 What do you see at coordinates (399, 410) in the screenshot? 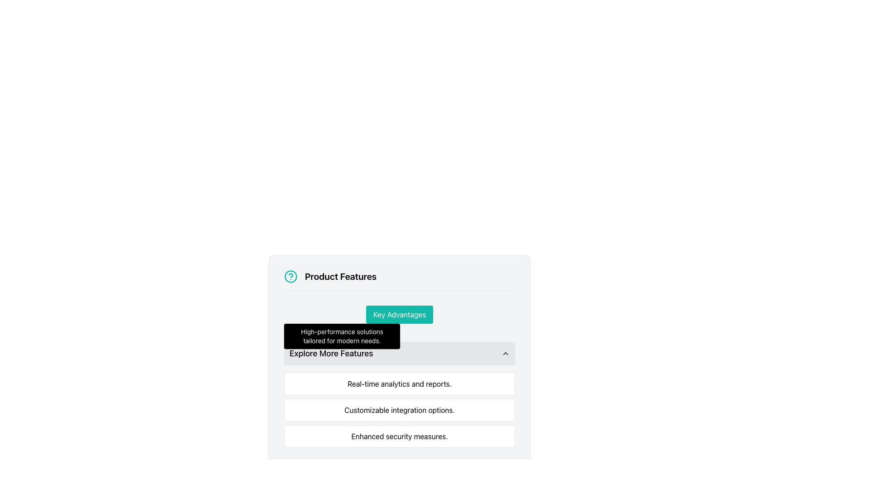
I see `the informative text block that details one of the features offered, which is the second item in the 'Explore More Features' list` at bounding box center [399, 410].